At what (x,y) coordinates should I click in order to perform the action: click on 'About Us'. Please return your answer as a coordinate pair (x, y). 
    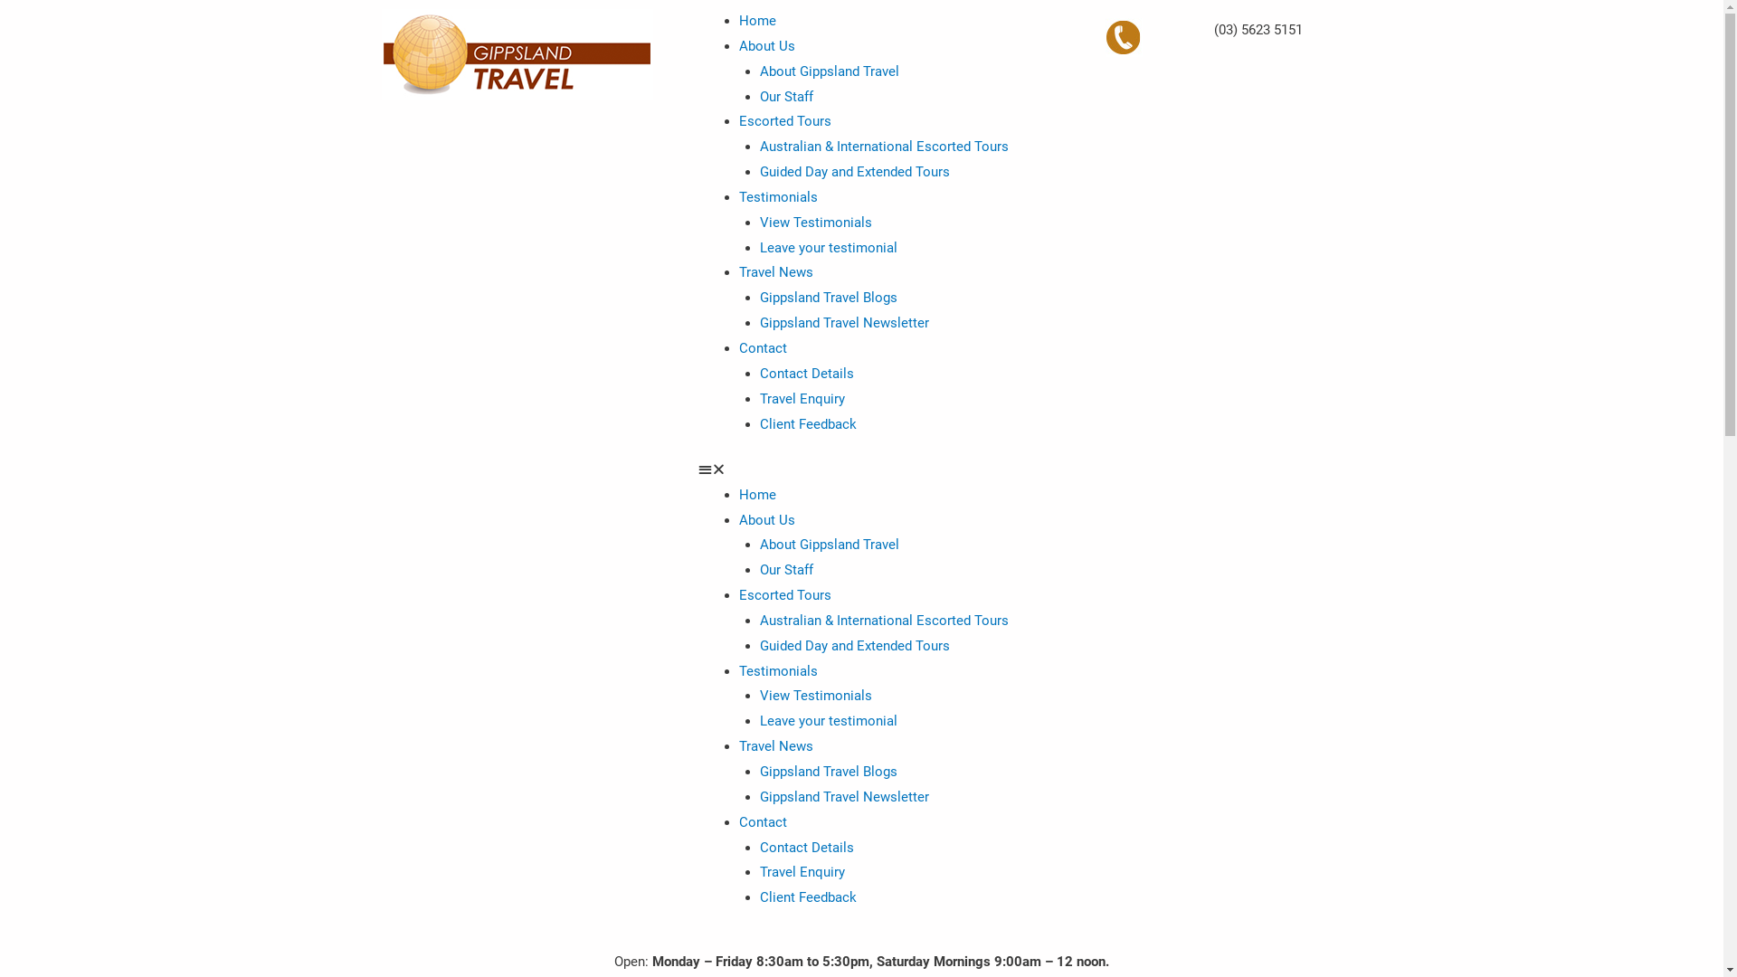
    Looking at the image, I should click on (767, 519).